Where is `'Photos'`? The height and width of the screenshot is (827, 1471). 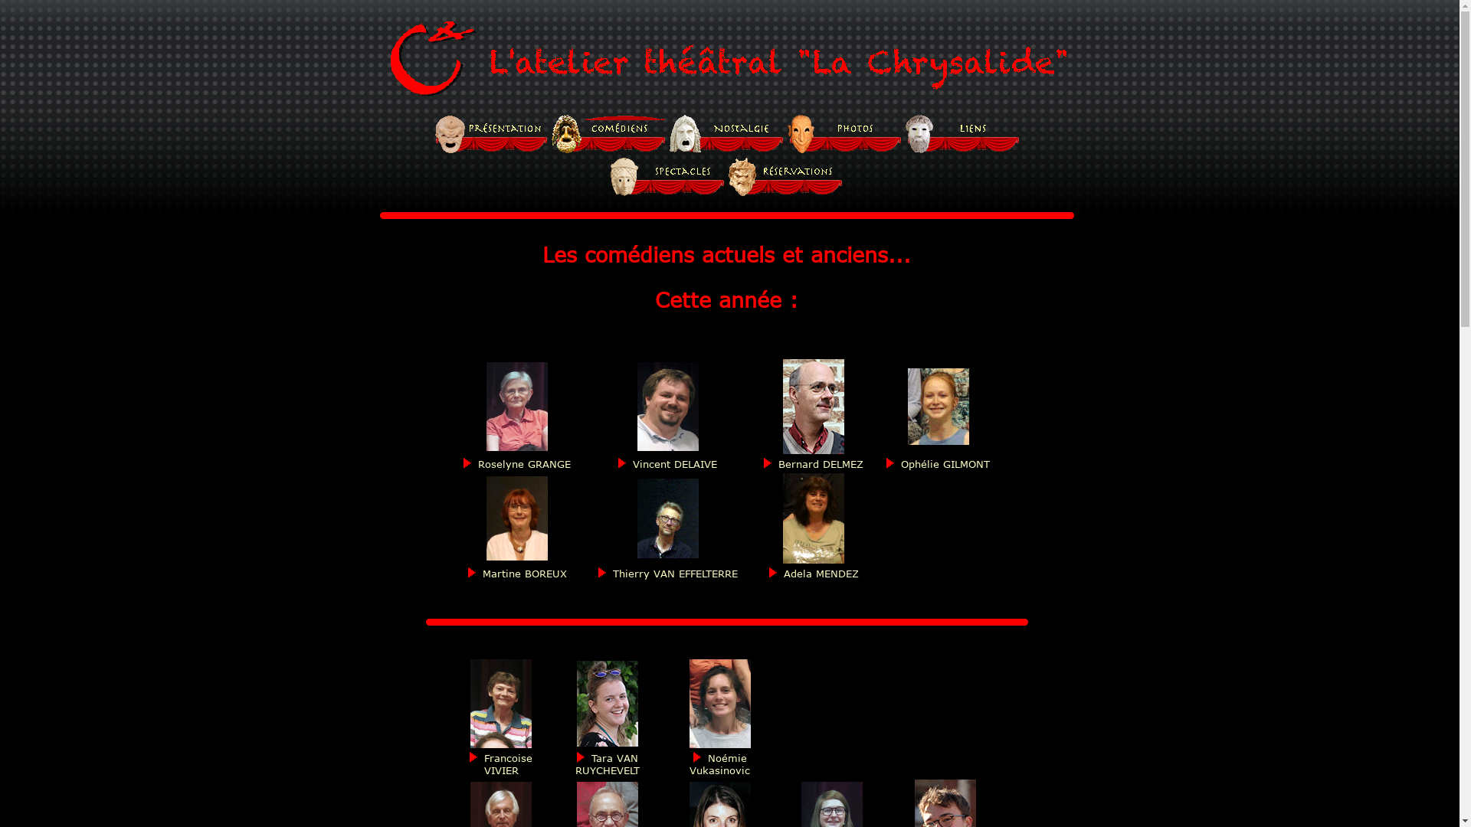
'Photos' is located at coordinates (844, 132).